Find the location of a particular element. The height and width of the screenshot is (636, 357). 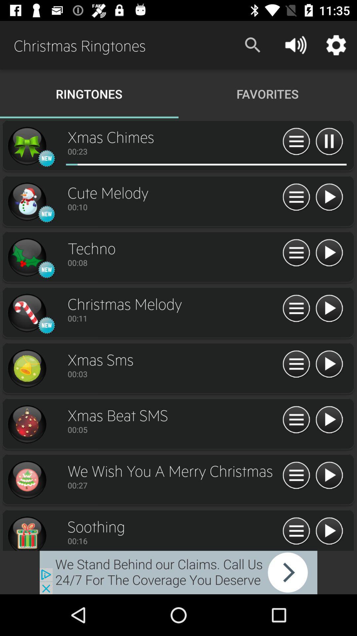

restart ringtone is located at coordinates (296, 475).